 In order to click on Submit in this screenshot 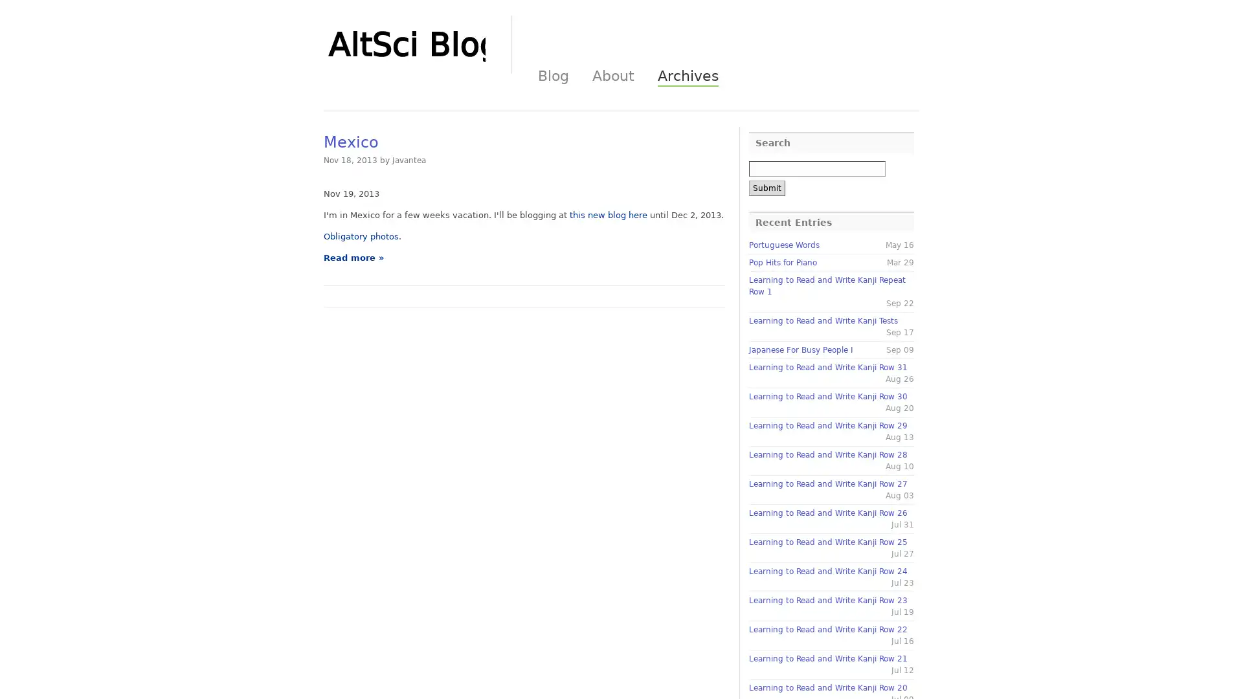, I will do `click(767, 188)`.